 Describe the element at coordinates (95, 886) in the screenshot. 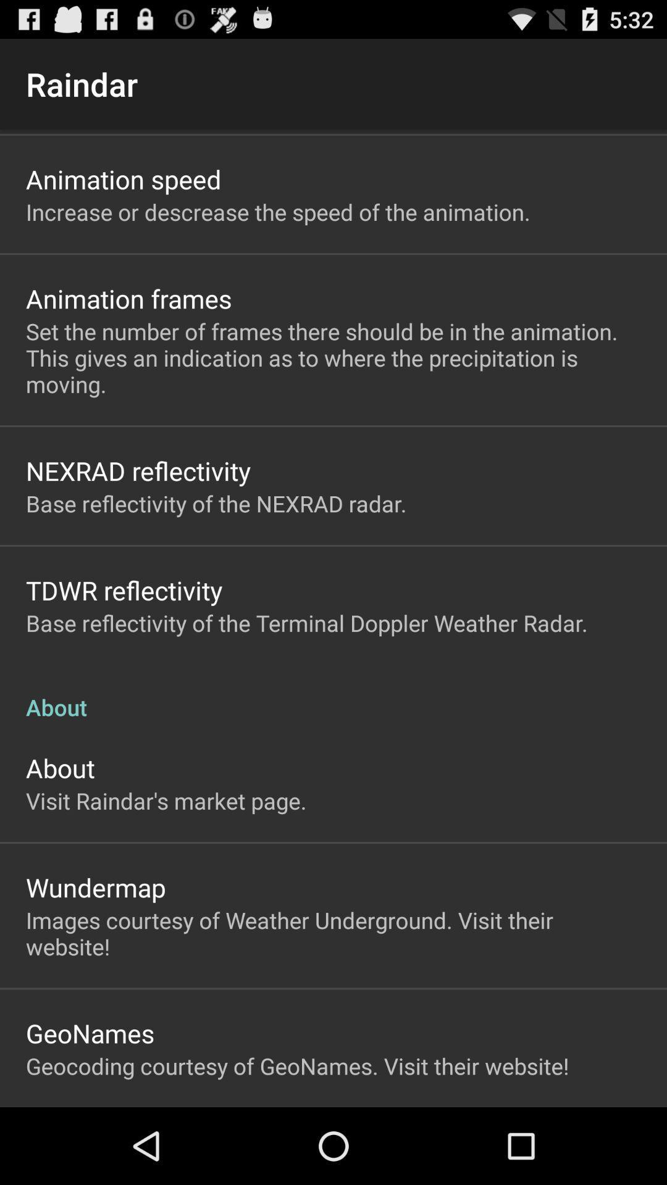

I see `the item above the images courtesy of item` at that location.